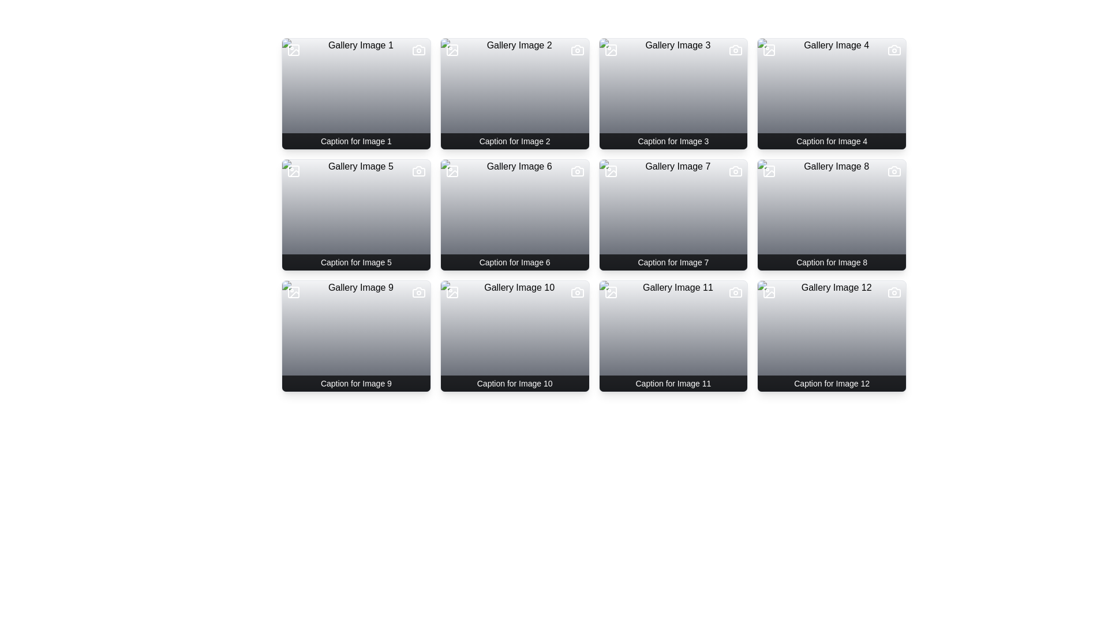 The image size is (1108, 623). What do you see at coordinates (769, 171) in the screenshot?
I see `the SVG graphical element located in the top-left corner of the eighth grid item in the gallery layout, which indicates functionality or metadata associated with the image` at bounding box center [769, 171].